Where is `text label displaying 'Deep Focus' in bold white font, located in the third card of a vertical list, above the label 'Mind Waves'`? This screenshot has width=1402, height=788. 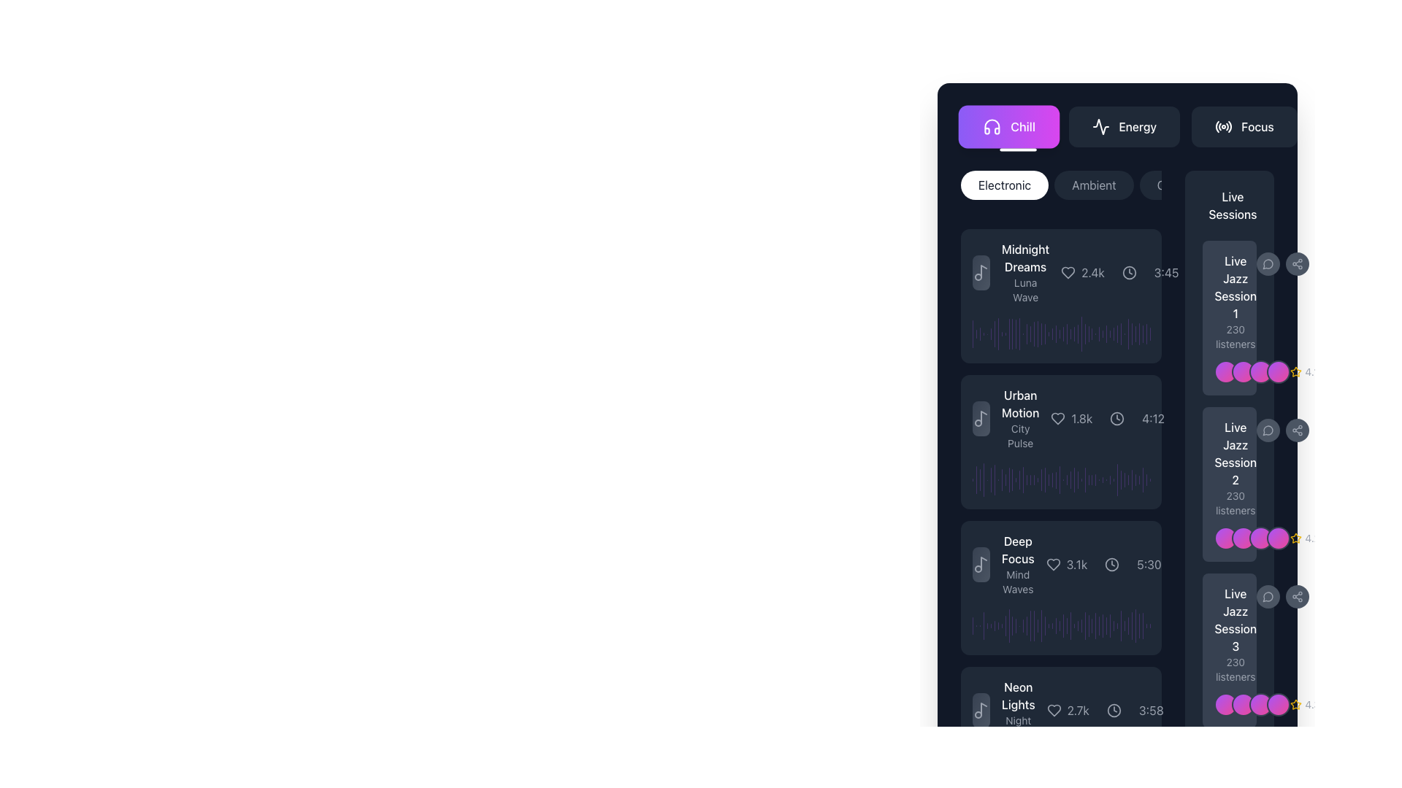
text label displaying 'Deep Focus' in bold white font, located in the third card of a vertical list, above the label 'Mind Waves' is located at coordinates (1017, 549).